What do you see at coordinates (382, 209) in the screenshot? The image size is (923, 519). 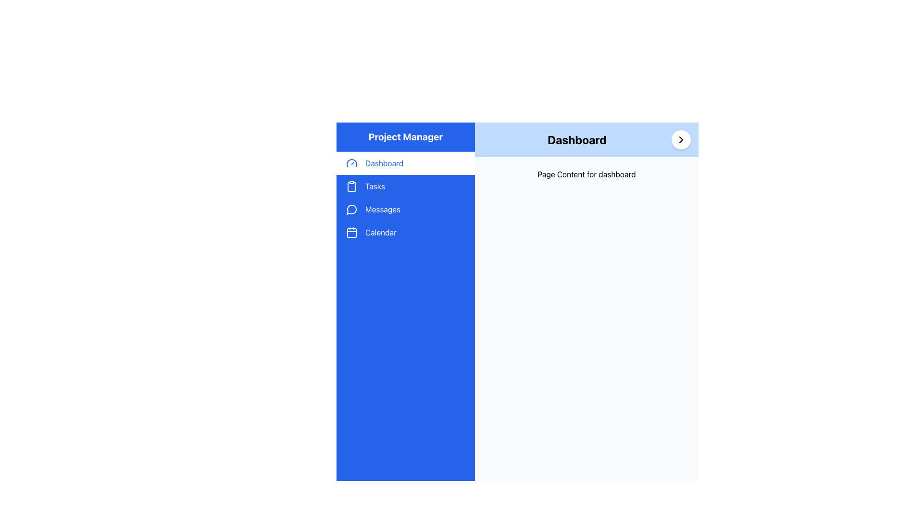 I see `keyboard navigation` at bounding box center [382, 209].